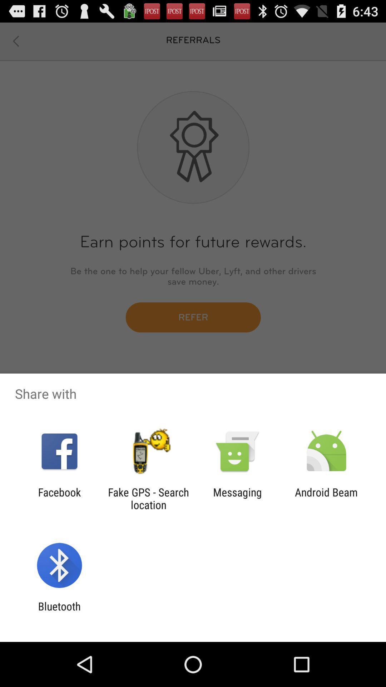  I want to click on icon at the bottom right corner, so click(326, 498).